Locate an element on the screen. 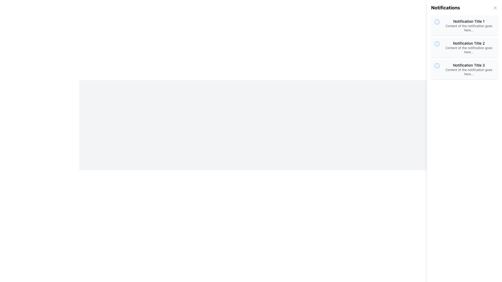 The height and width of the screenshot is (282, 502). the title of the second notification card in the notifications panel is located at coordinates (469, 43).